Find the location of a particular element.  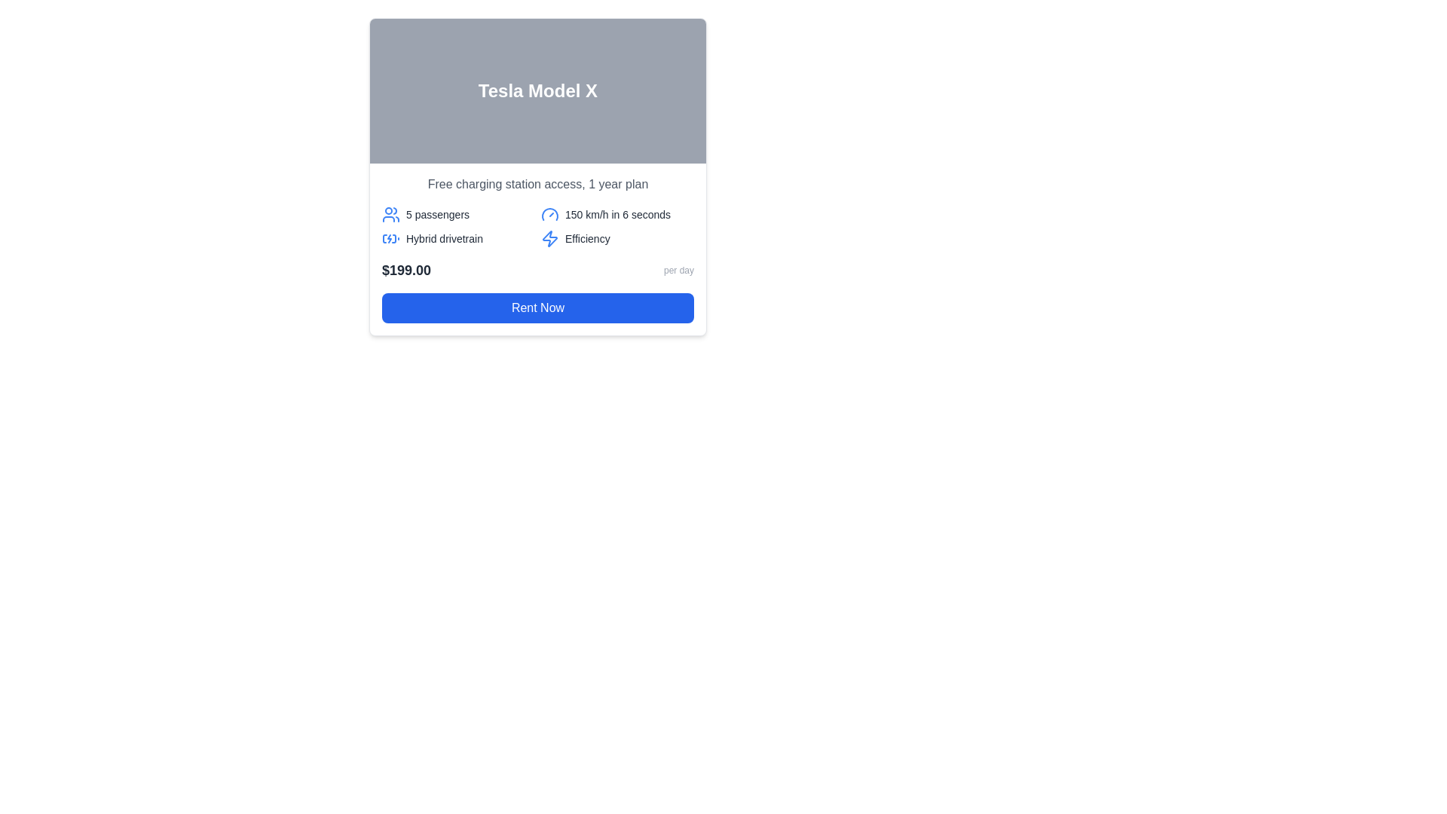

the text label displaying 'Free charging station access, 1 year plan', which is located beneath the title 'Tesla Model X' and above the icons and feature descriptions is located at coordinates (538, 184).